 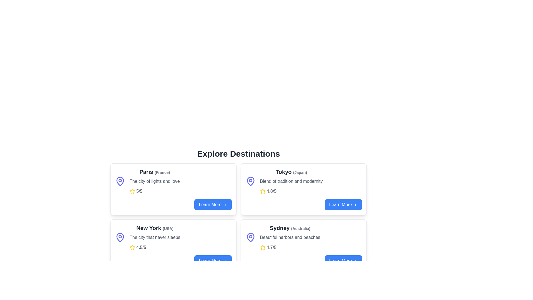 I want to click on the bolded text label 'Tokyo (Japan)' located in the top-right section of the grid to observe any interactive effects, so click(x=291, y=171).